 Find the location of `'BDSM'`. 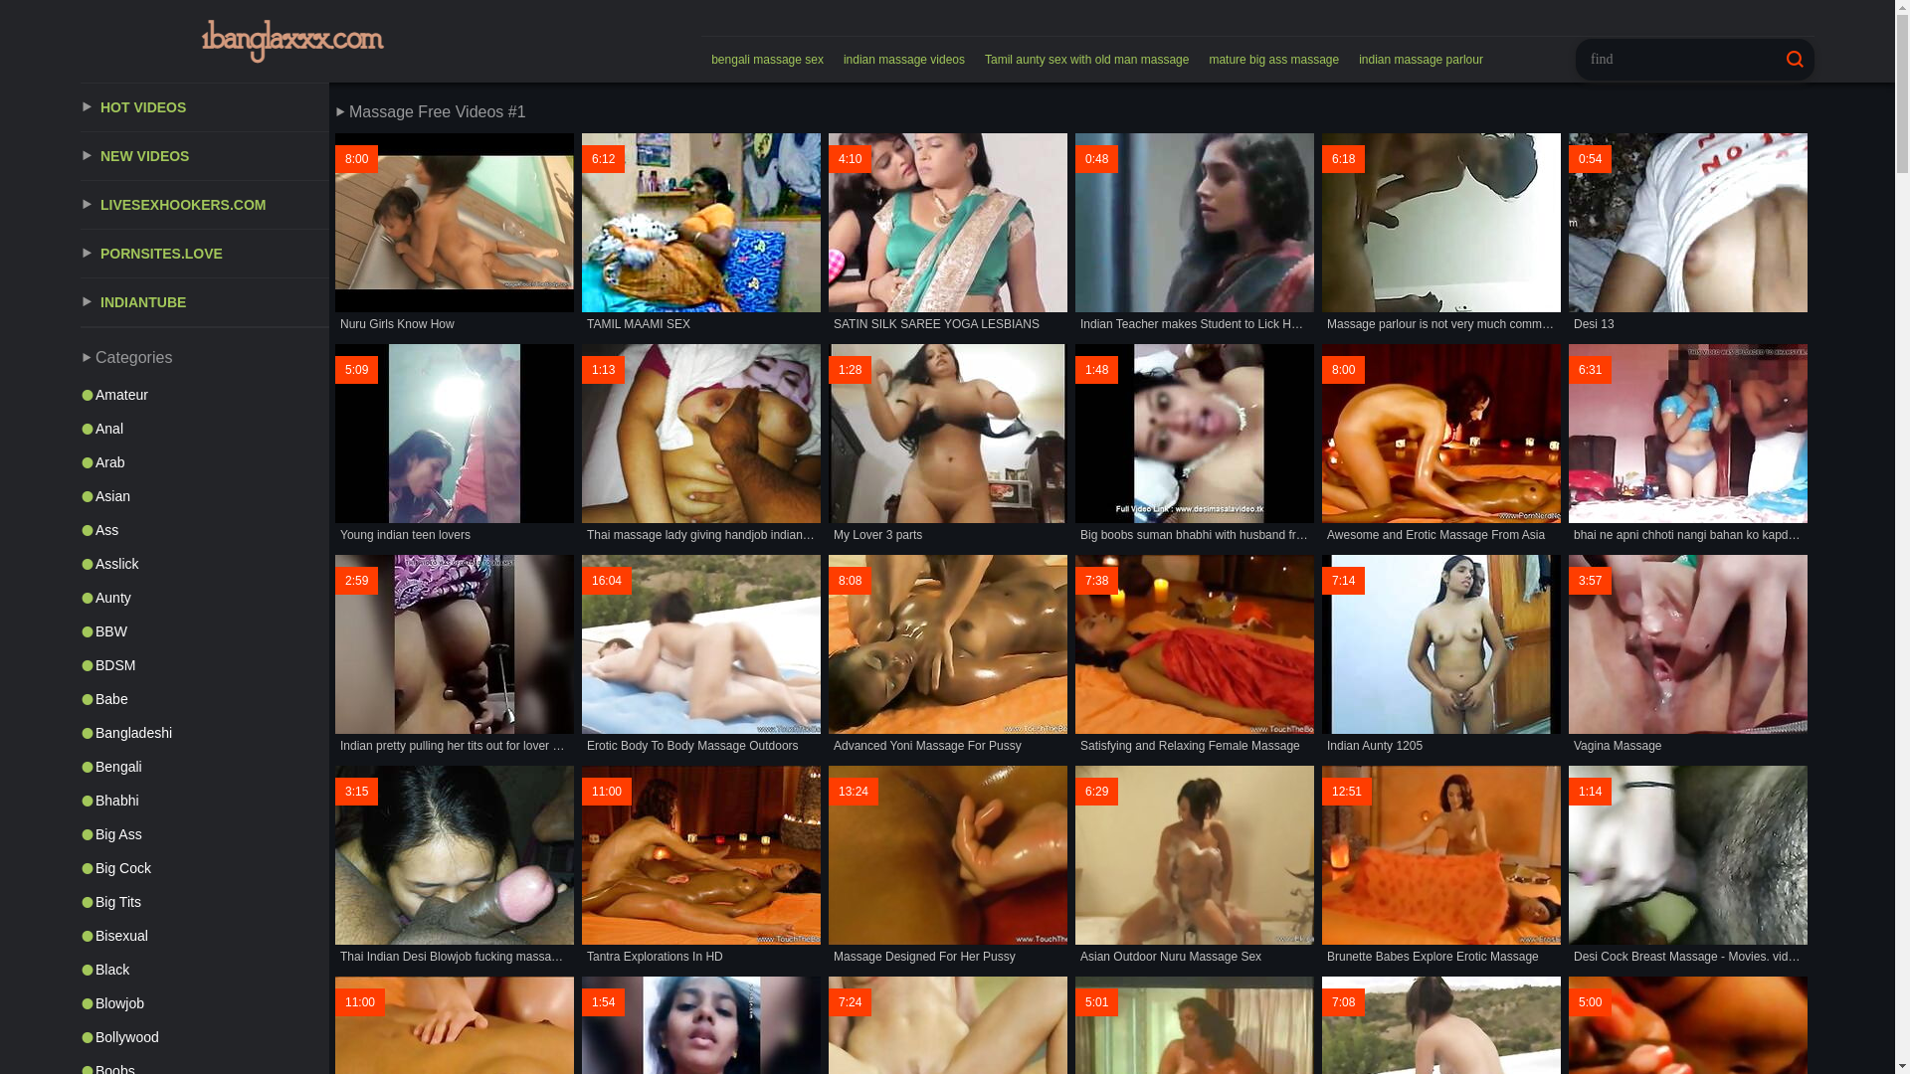

'BDSM' is located at coordinates (205, 664).